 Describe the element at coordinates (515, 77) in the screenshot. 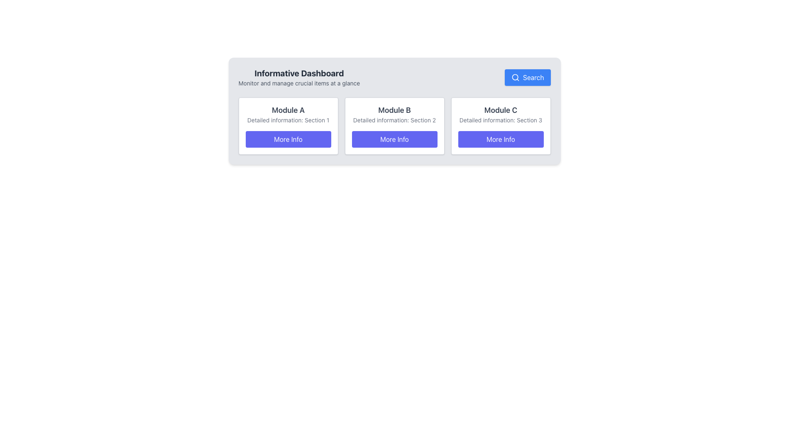

I see `the circular portion of the search icon located at the top-right corner of the interface` at that location.